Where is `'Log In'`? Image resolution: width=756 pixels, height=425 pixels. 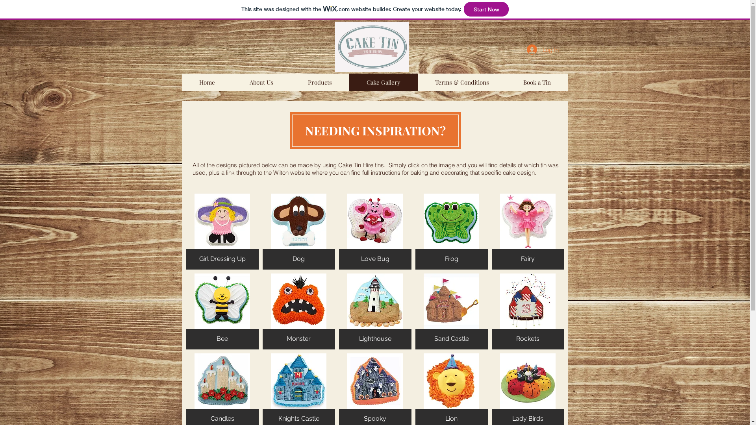 'Log In' is located at coordinates (542, 50).